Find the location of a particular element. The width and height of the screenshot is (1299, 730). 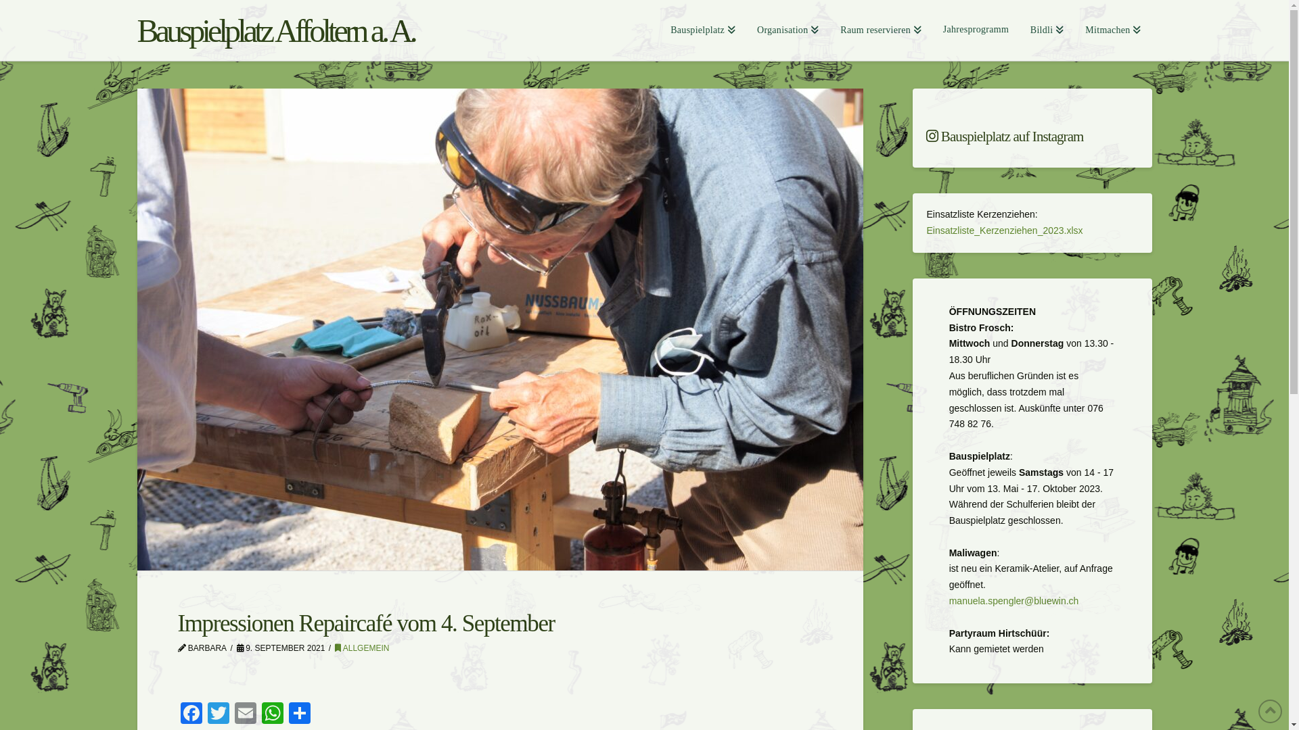

'Teilen' is located at coordinates (298, 714).